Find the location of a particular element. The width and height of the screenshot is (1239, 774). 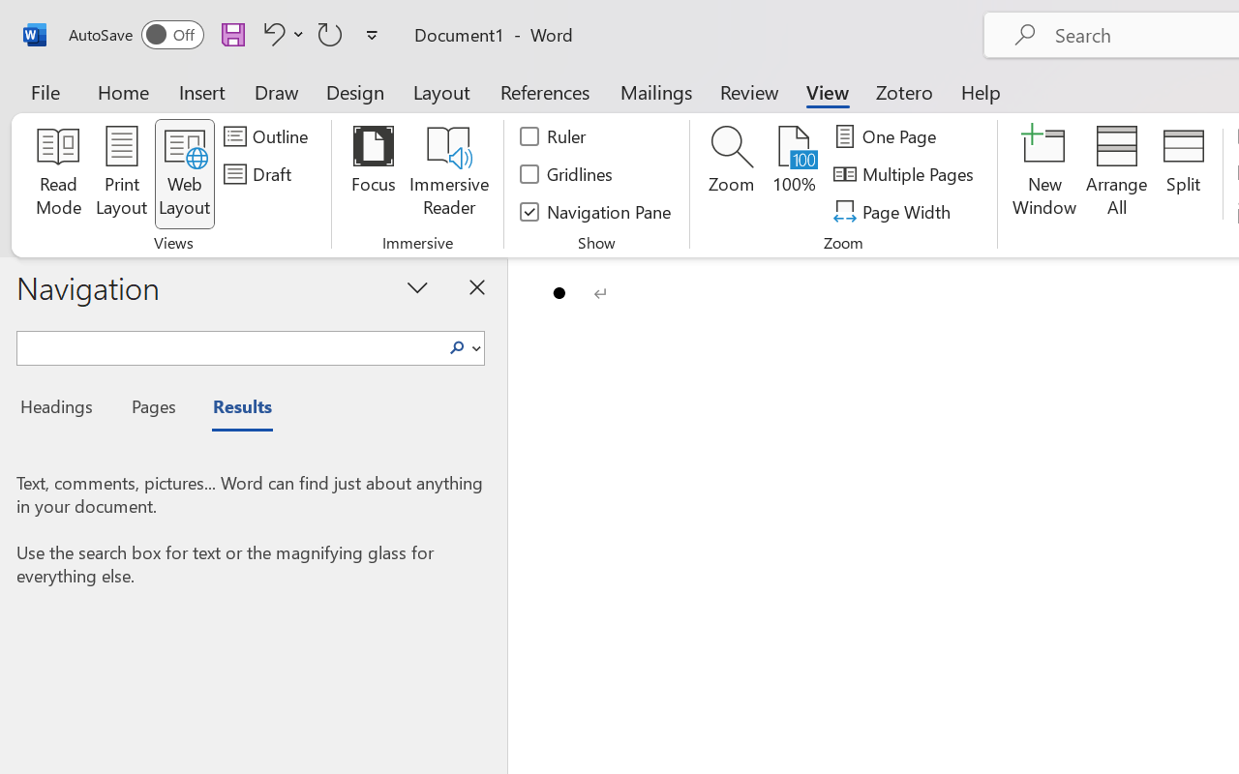

'One Page' is located at coordinates (887, 136).